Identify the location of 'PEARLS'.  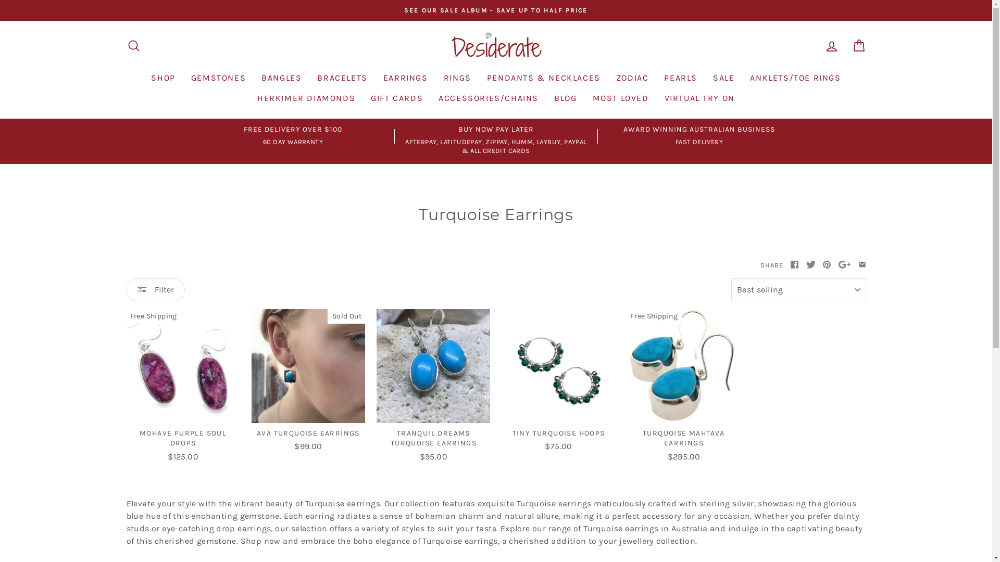
(680, 77).